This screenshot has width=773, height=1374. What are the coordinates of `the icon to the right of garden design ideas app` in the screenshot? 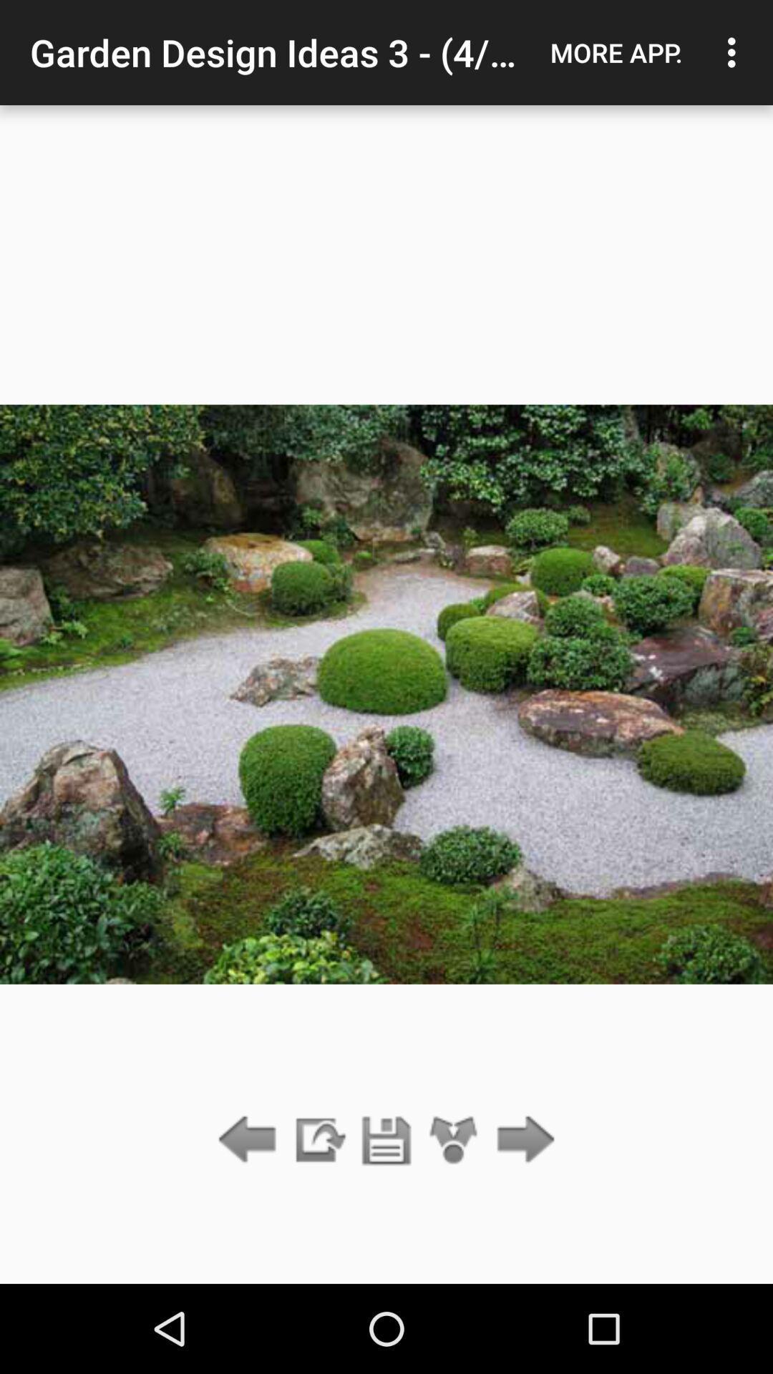 It's located at (616, 52).